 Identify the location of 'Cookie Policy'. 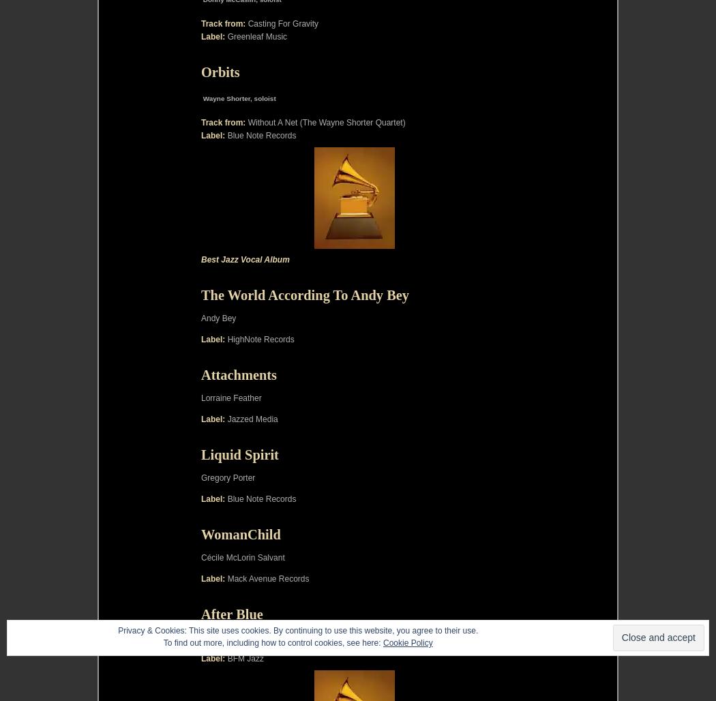
(406, 642).